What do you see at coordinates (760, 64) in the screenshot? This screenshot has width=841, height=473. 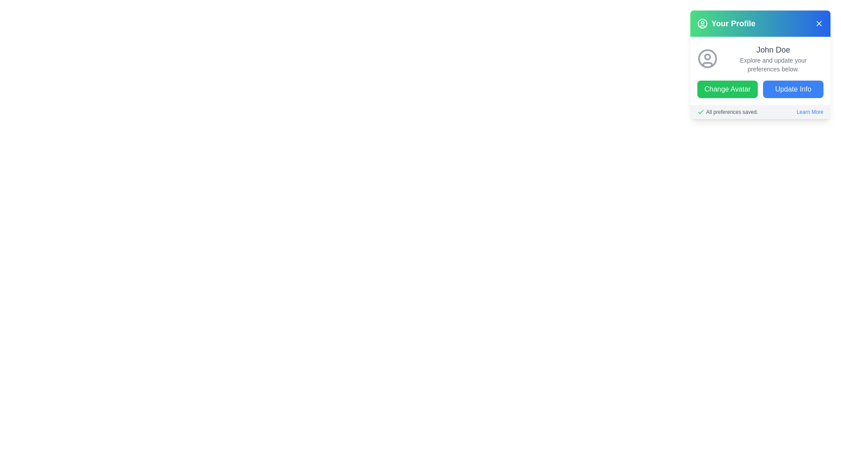 I see `the text segment that displays 'John Doe' and 'Explore and update your preferences below' within the user profile panel, which is located beneath the 'Your Profile' header` at bounding box center [760, 64].